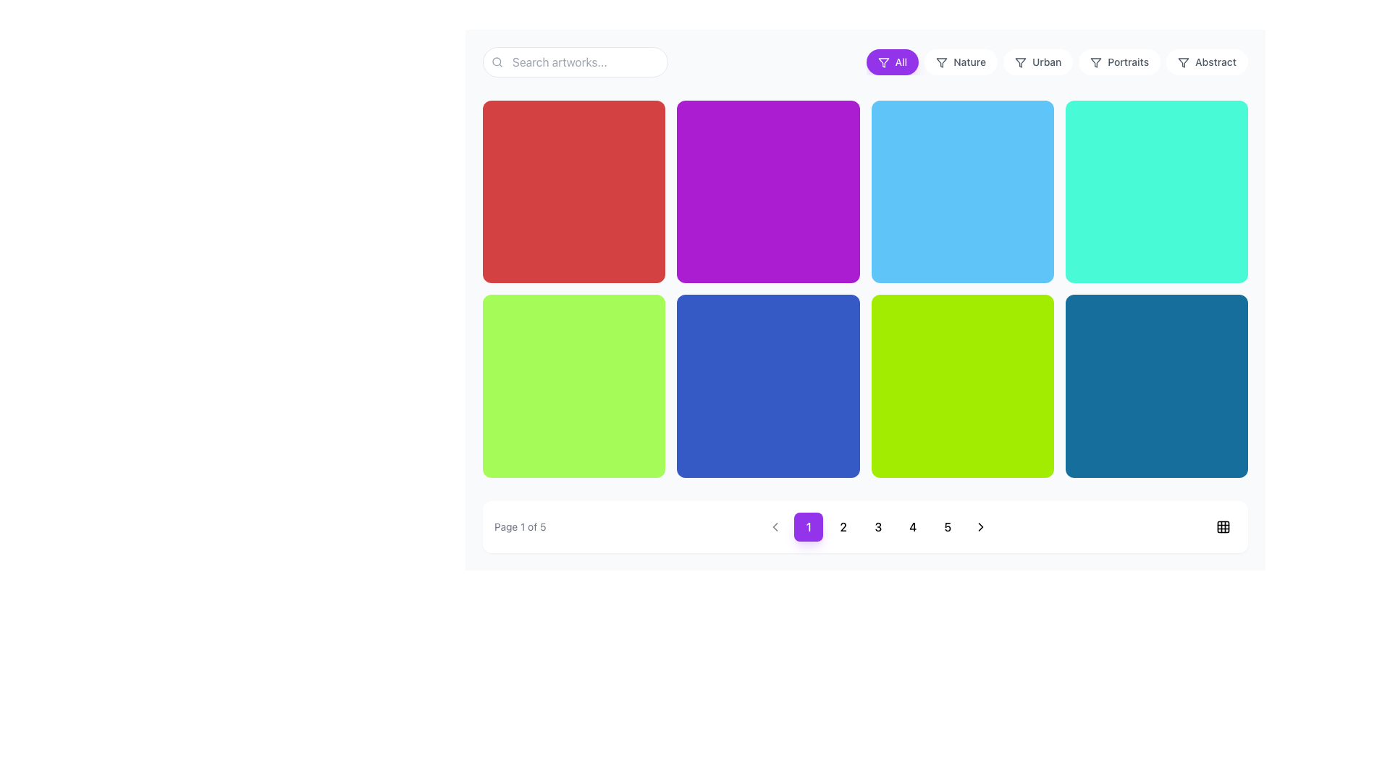 The image size is (1390, 782). I want to click on the rounded rectangular search bar with the placeholder text 'Search artworks...' to observe a visual response, so click(575, 61).